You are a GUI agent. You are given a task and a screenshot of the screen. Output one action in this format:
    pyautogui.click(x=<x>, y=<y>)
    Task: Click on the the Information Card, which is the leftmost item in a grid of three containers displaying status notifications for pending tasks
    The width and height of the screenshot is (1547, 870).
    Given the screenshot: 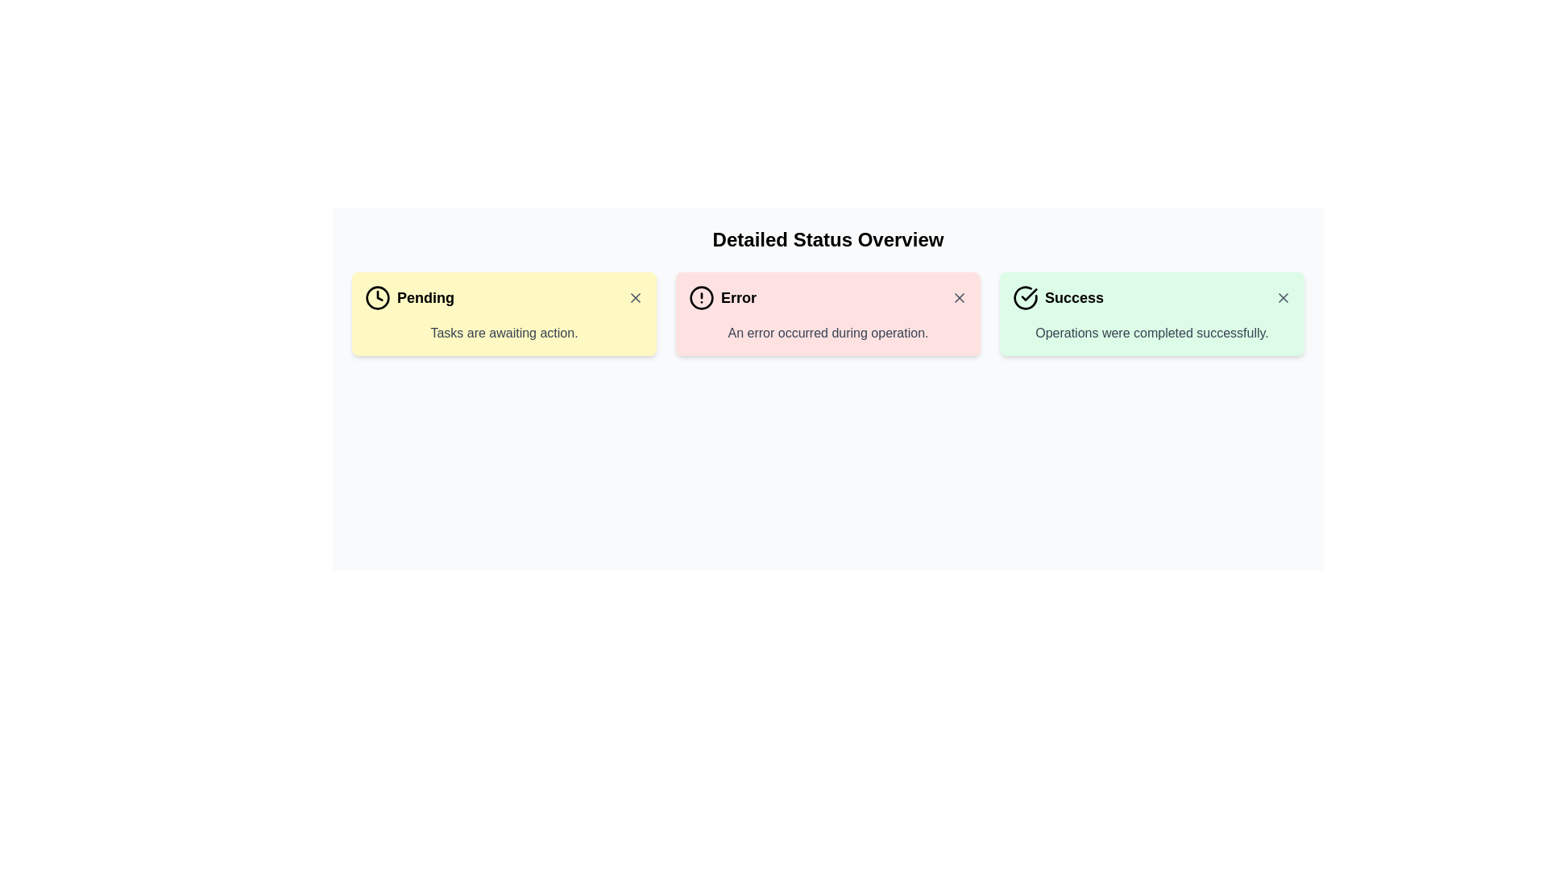 What is the action you would take?
    pyautogui.click(x=503, y=313)
    